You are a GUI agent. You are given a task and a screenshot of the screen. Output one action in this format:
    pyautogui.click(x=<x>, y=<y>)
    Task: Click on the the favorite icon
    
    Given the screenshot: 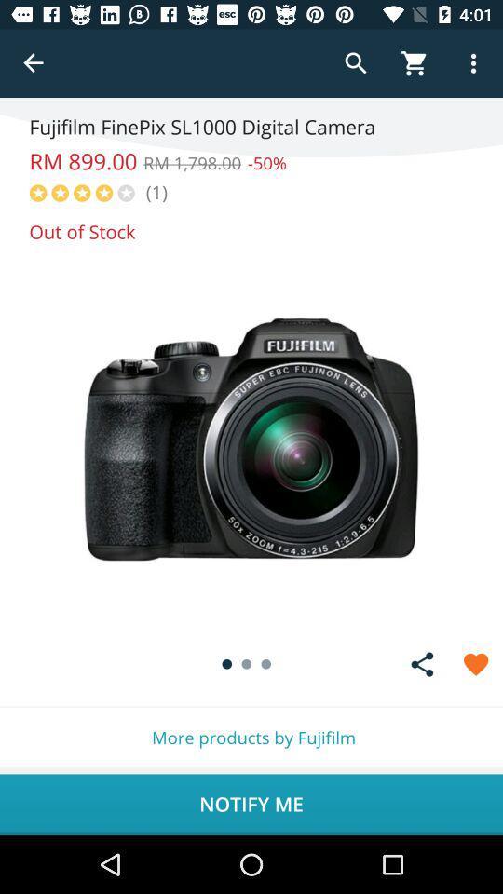 What is the action you would take?
    pyautogui.click(x=476, y=664)
    